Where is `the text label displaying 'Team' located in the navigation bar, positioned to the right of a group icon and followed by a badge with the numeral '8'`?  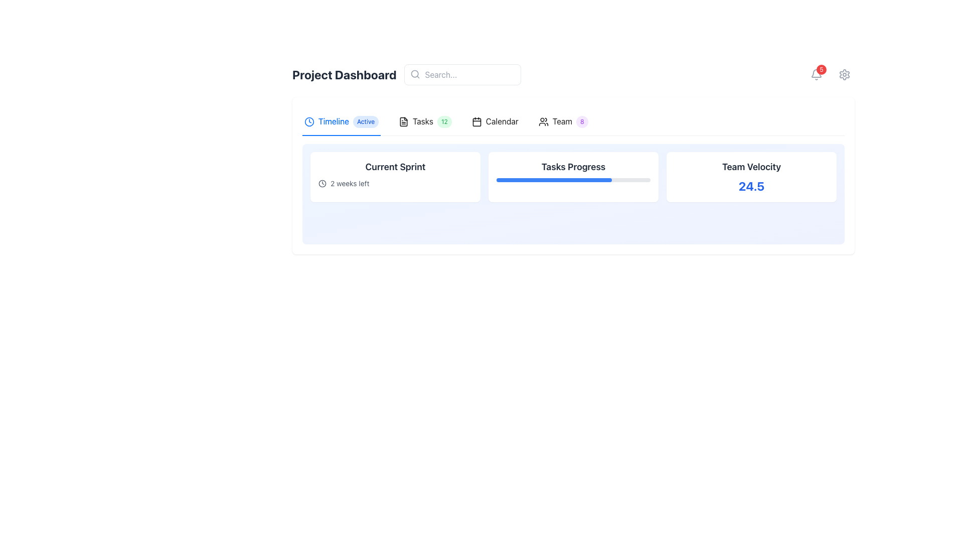
the text label displaying 'Team' located in the navigation bar, positioned to the right of a group icon and followed by a badge with the numeral '8' is located at coordinates (562, 121).